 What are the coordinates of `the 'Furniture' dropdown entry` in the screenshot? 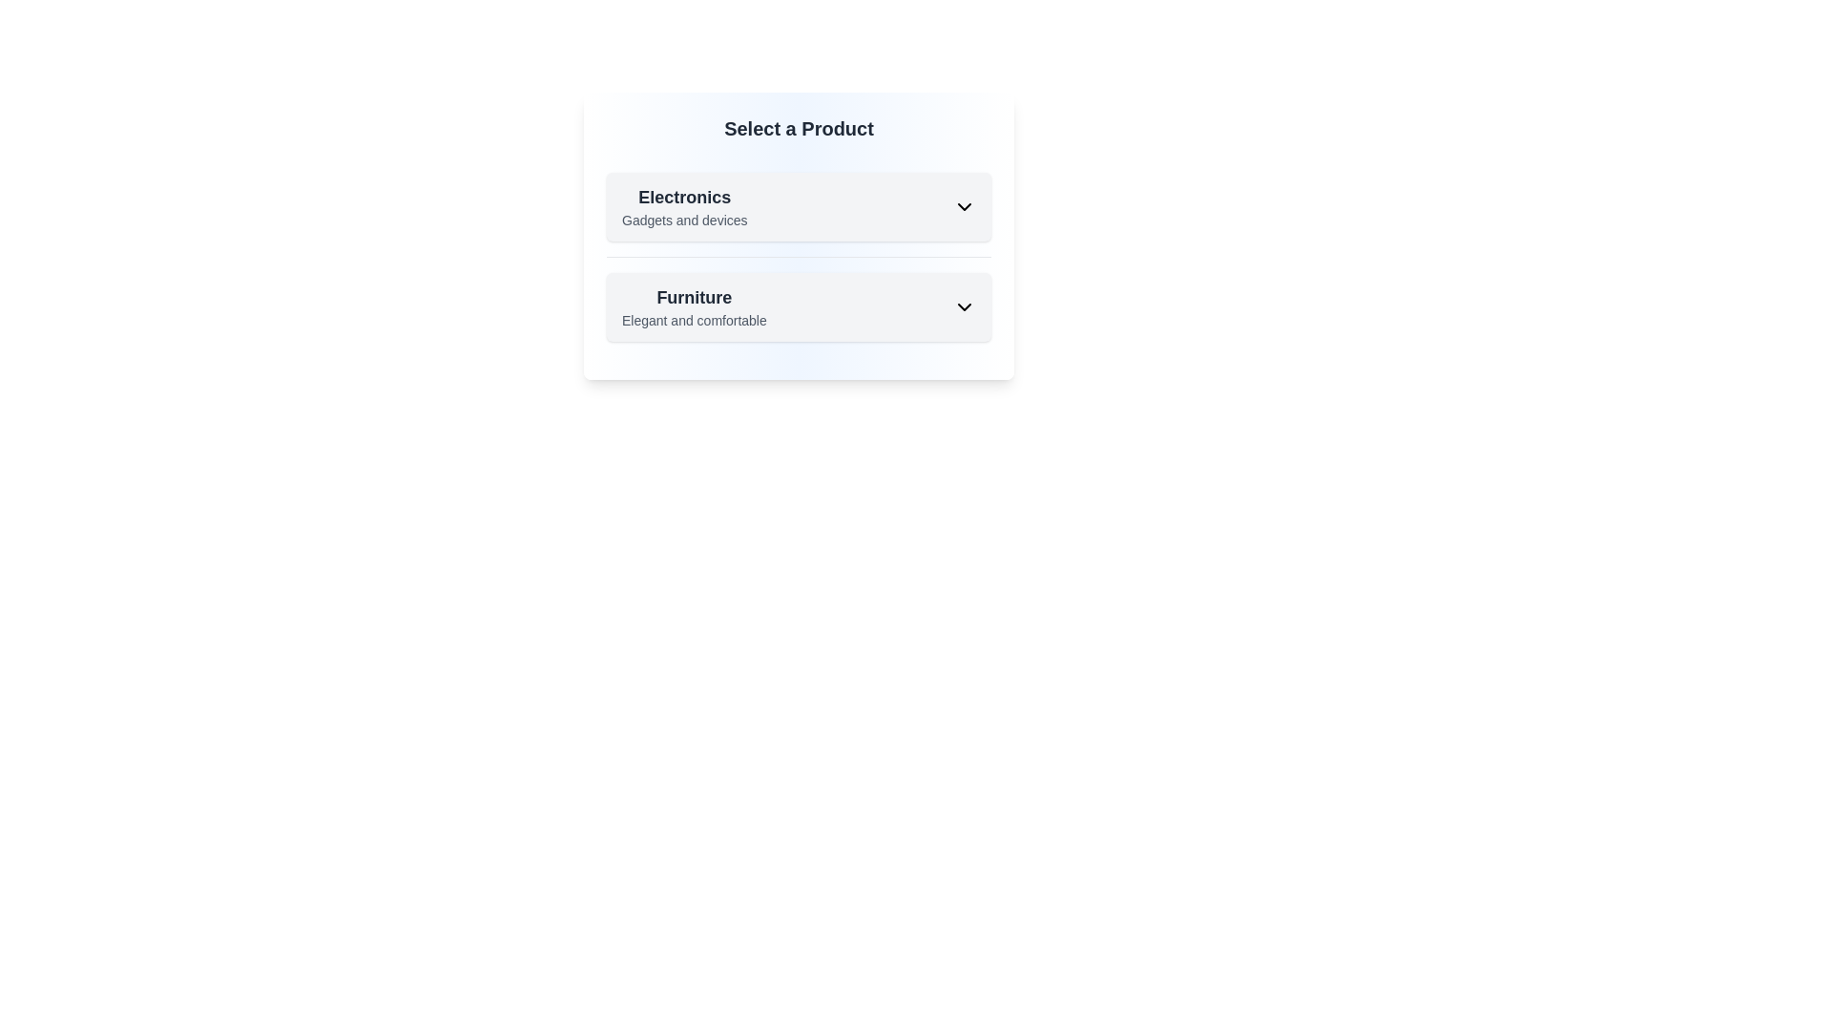 It's located at (799, 305).